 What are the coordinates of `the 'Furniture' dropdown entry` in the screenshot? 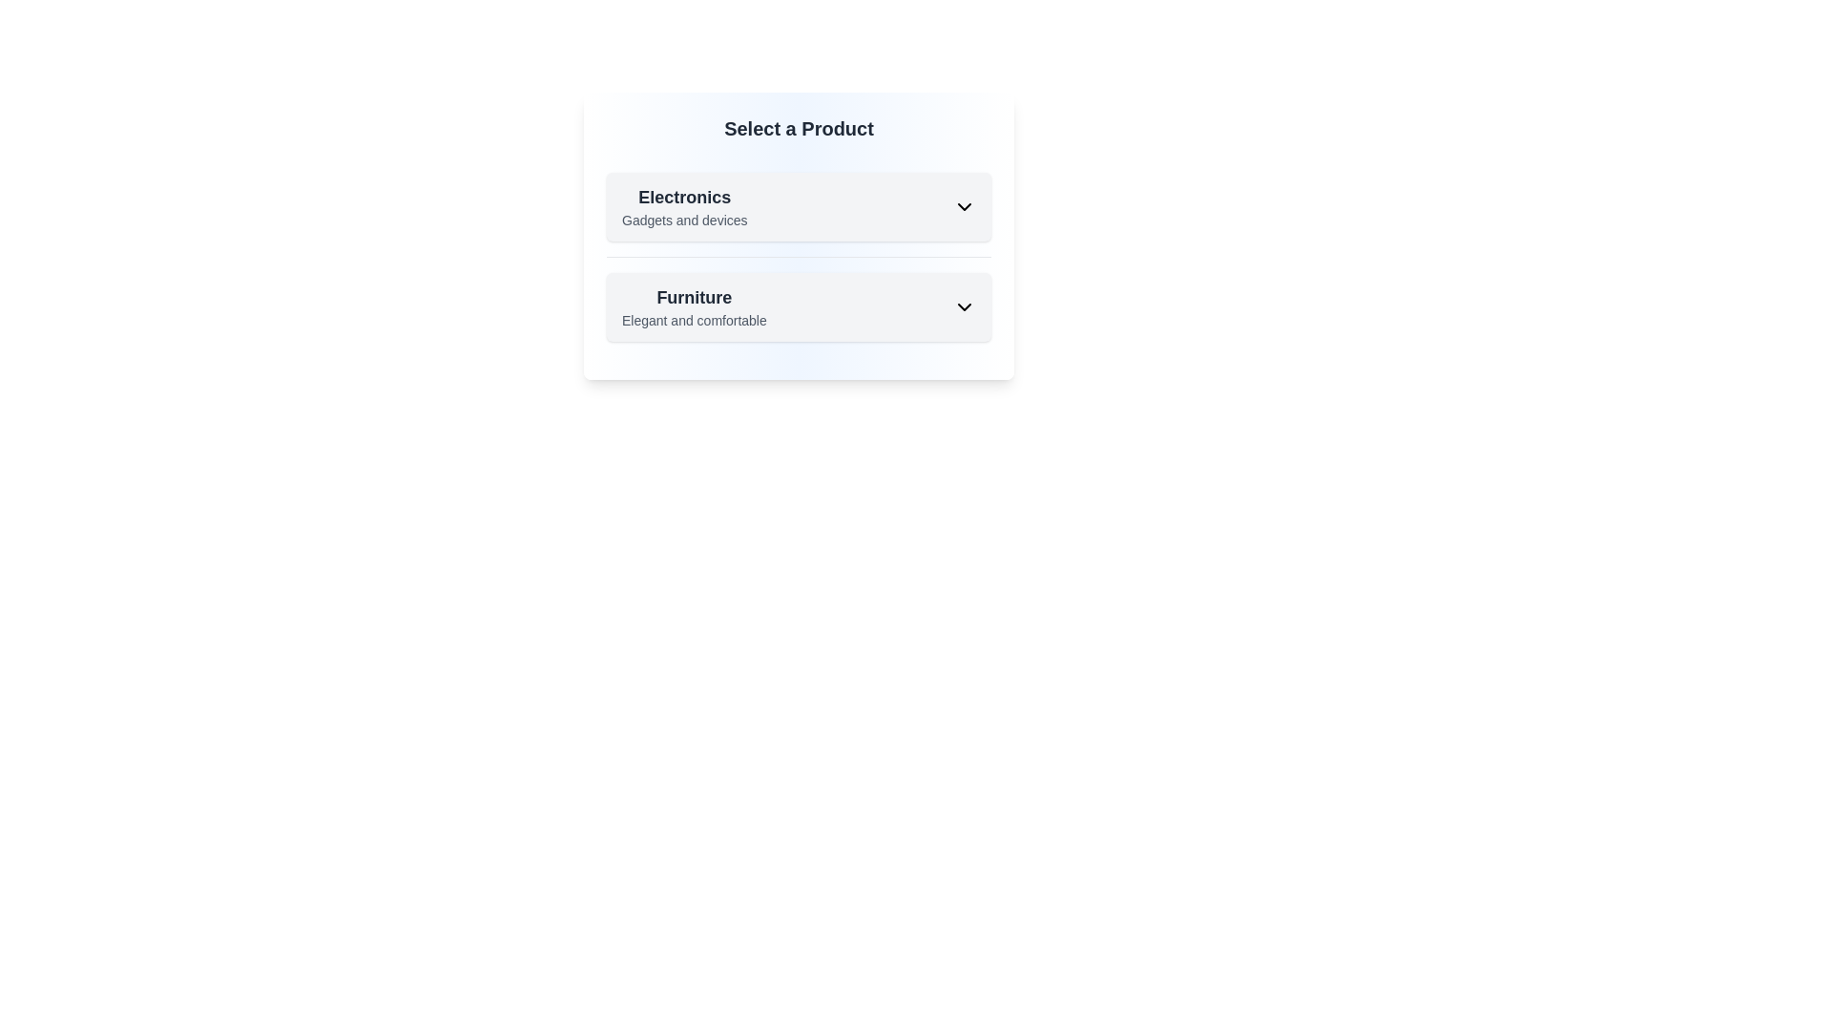 It's located at (799, 305).